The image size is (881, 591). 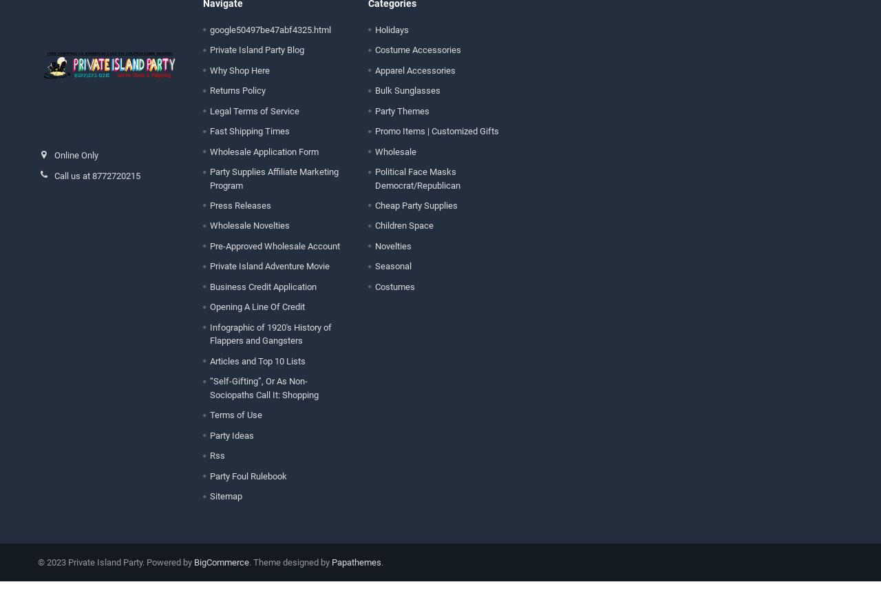 What do you see at coordinates (225, 505) in the screenshot?
I see `'Sitemap'` at bounding box center [225, 505].